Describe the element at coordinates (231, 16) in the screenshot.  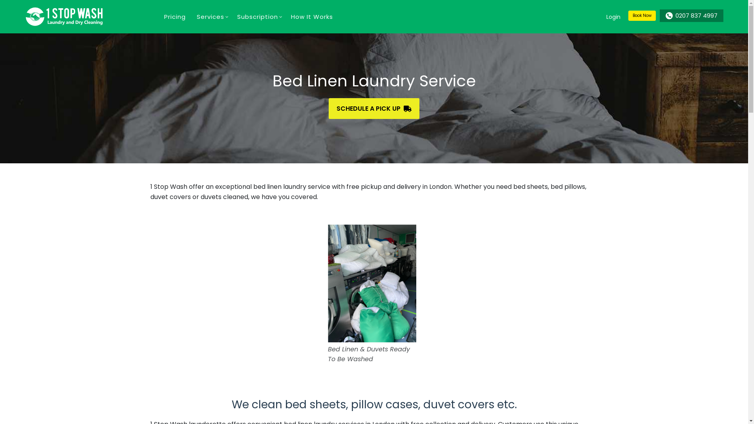
I see `'Subscription'` at that location.